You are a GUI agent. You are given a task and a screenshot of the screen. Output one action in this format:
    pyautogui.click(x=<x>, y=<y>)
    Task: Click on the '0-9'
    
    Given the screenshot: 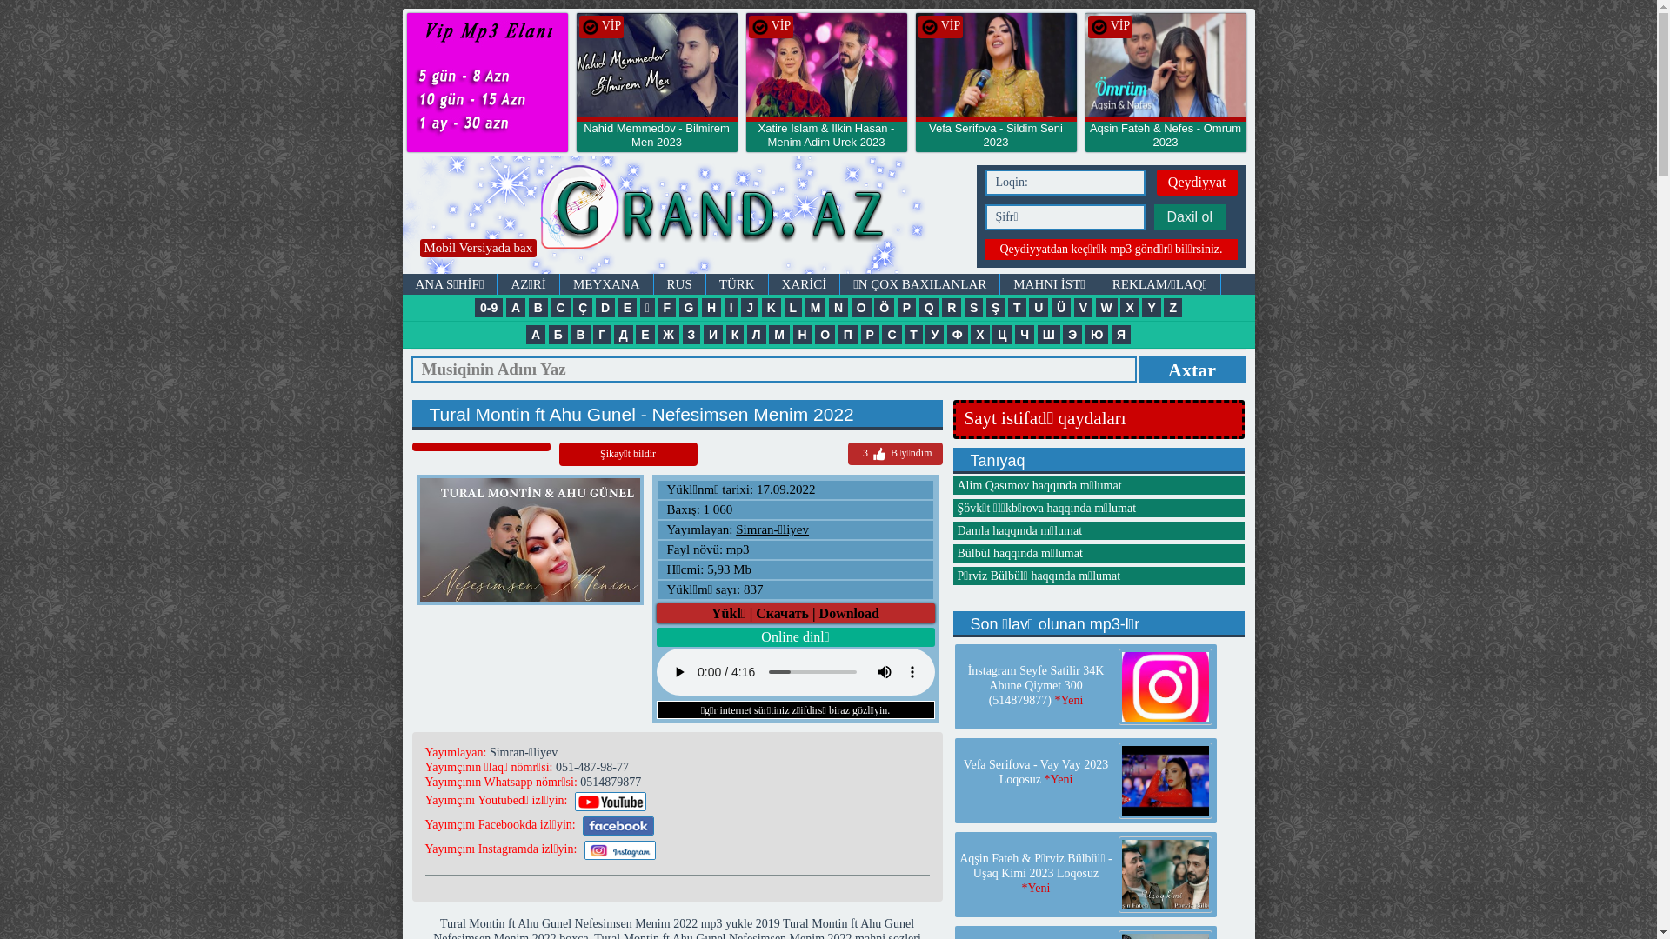 What is the action you would take?
    pyautogui.click(x=487, y=307)
    